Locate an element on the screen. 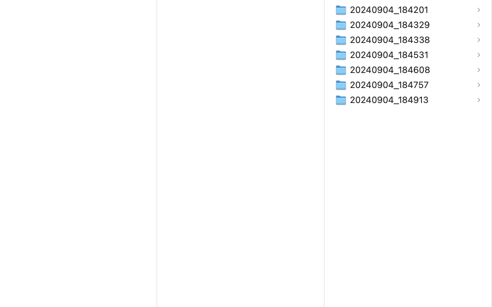 This screenshot has width=492, height=307. '20240904_184608' is located at coordinates (391, 70).